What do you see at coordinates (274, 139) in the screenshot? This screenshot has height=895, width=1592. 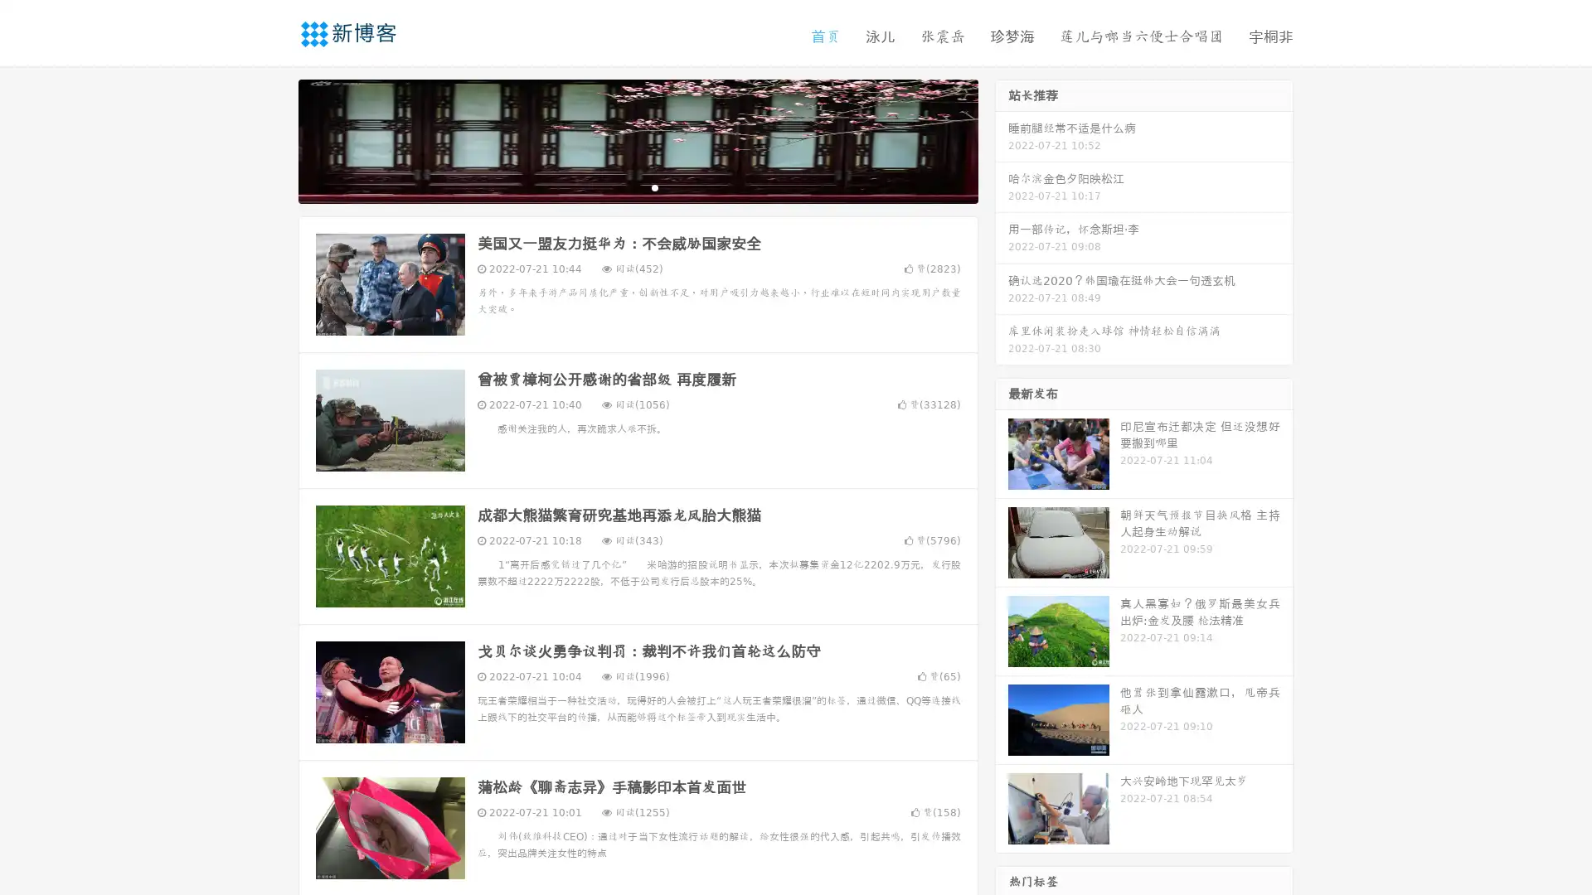 I see `Previous slide` at bounding box center [274, 139].